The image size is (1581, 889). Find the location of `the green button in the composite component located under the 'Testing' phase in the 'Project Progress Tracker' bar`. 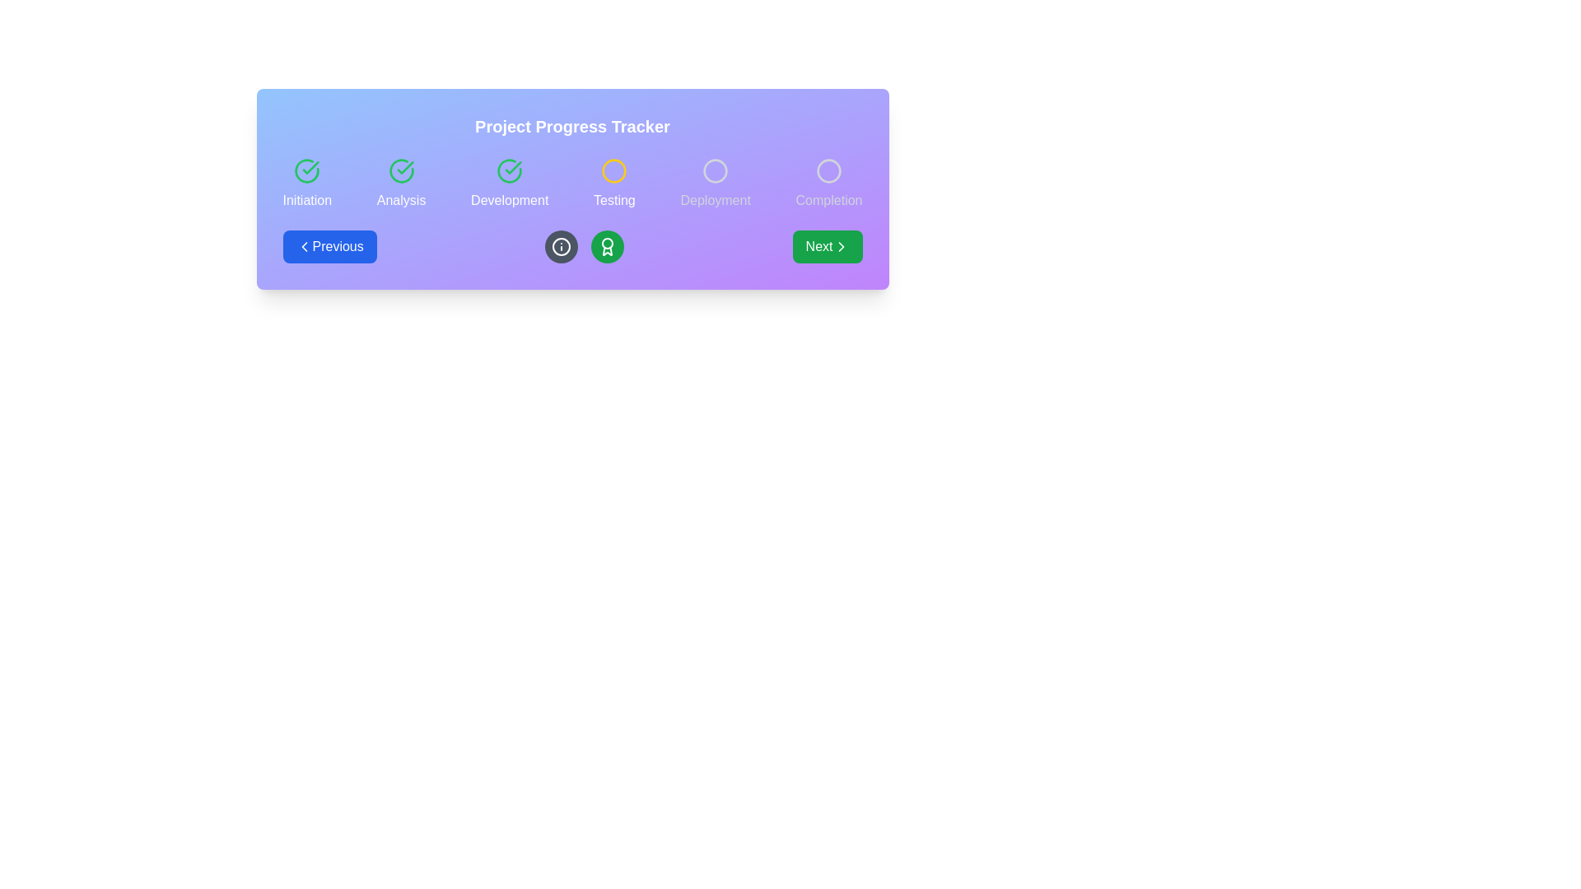

the green button in the composite component located under the 'Testing' phase in the 'Project Progress Tracker' bar is located at coordinates (585, 247).